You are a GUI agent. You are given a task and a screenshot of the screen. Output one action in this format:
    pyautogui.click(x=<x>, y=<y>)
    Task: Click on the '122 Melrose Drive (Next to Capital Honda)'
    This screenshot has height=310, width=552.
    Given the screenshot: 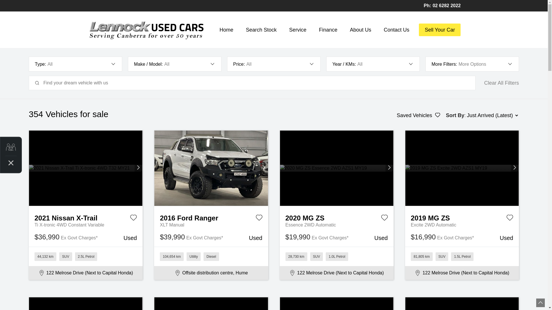 What is the action you would take?
    pyautogui.click(x=85, y=273)
    